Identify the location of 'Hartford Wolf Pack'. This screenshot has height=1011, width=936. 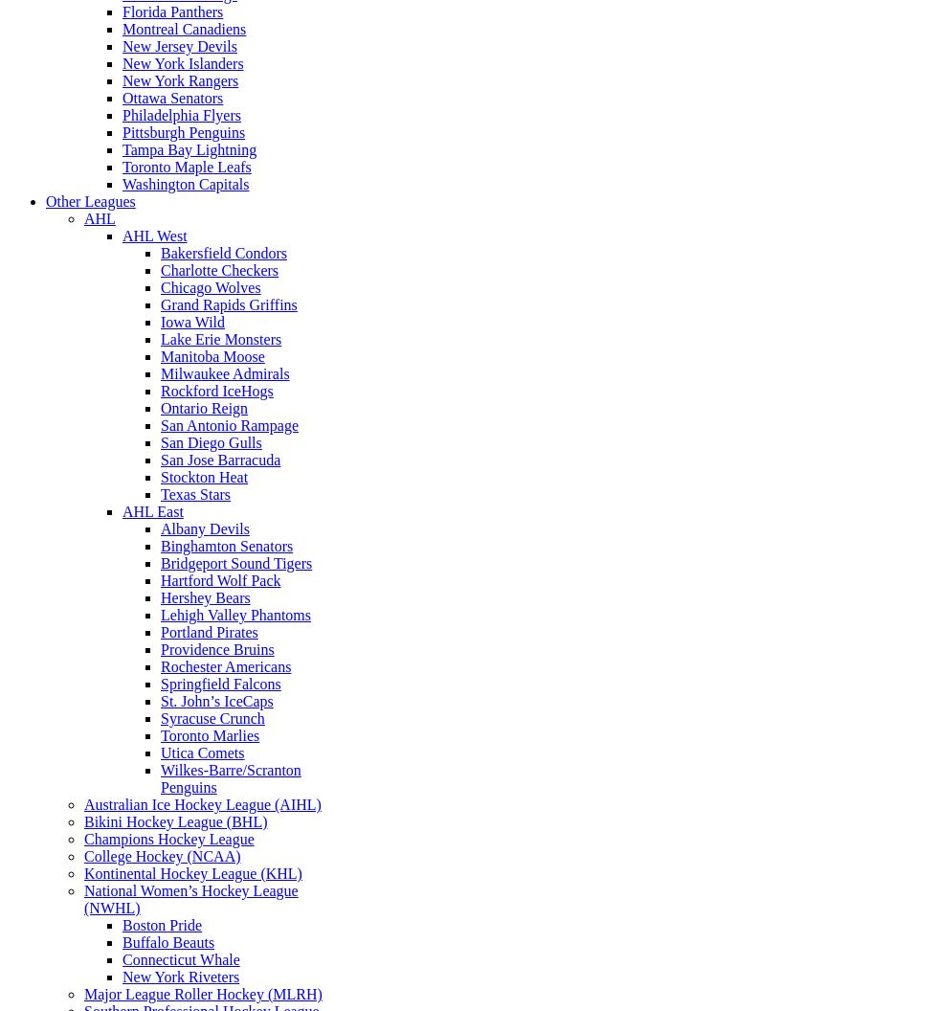
(220, 579).